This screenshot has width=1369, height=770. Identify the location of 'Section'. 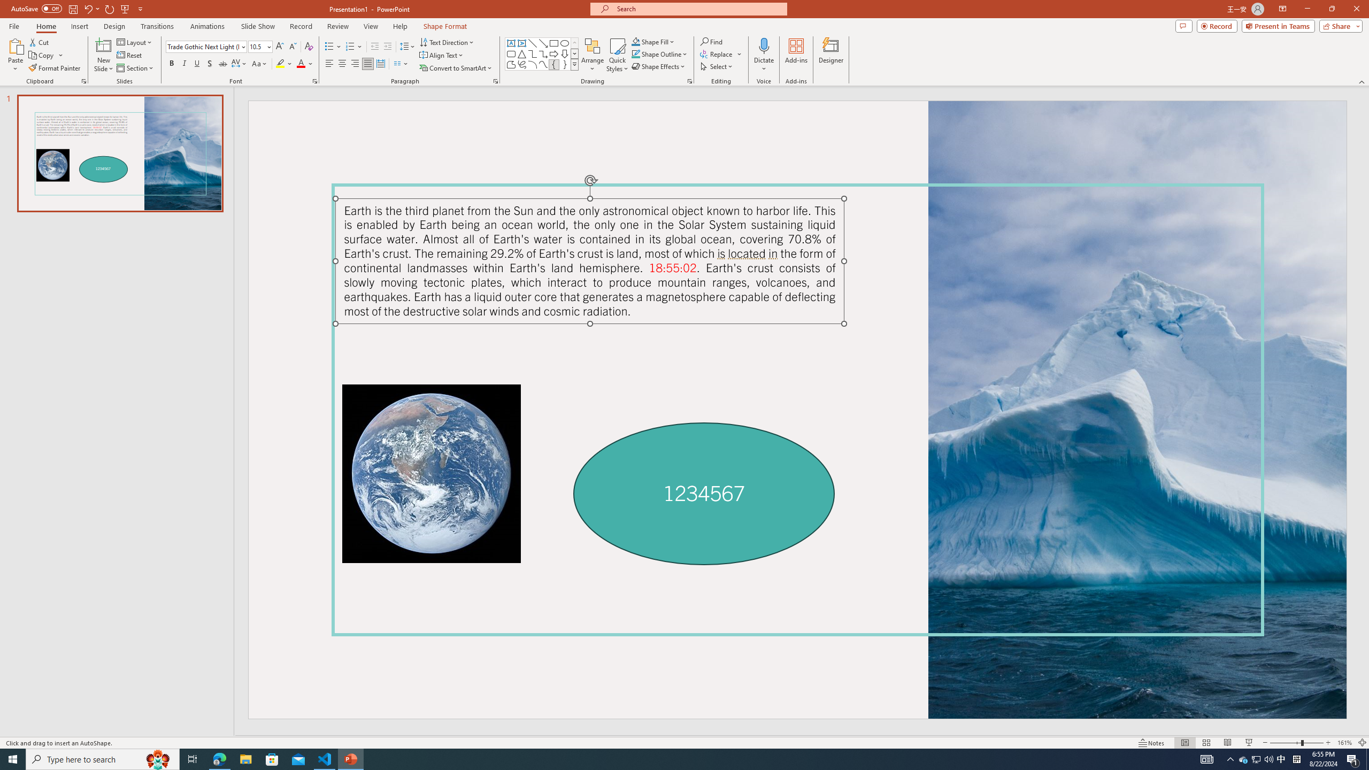
(135, 68).